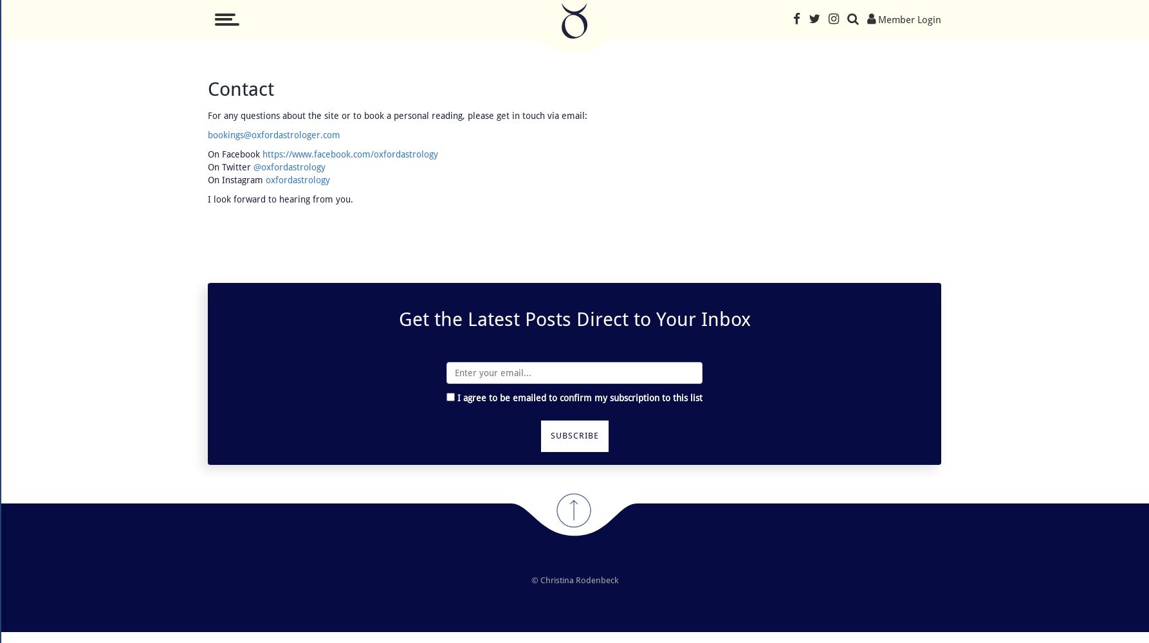 The width and height of the screenshot is (1149, 643). I want to click on '@oxfordastrology', so click(289, 167).